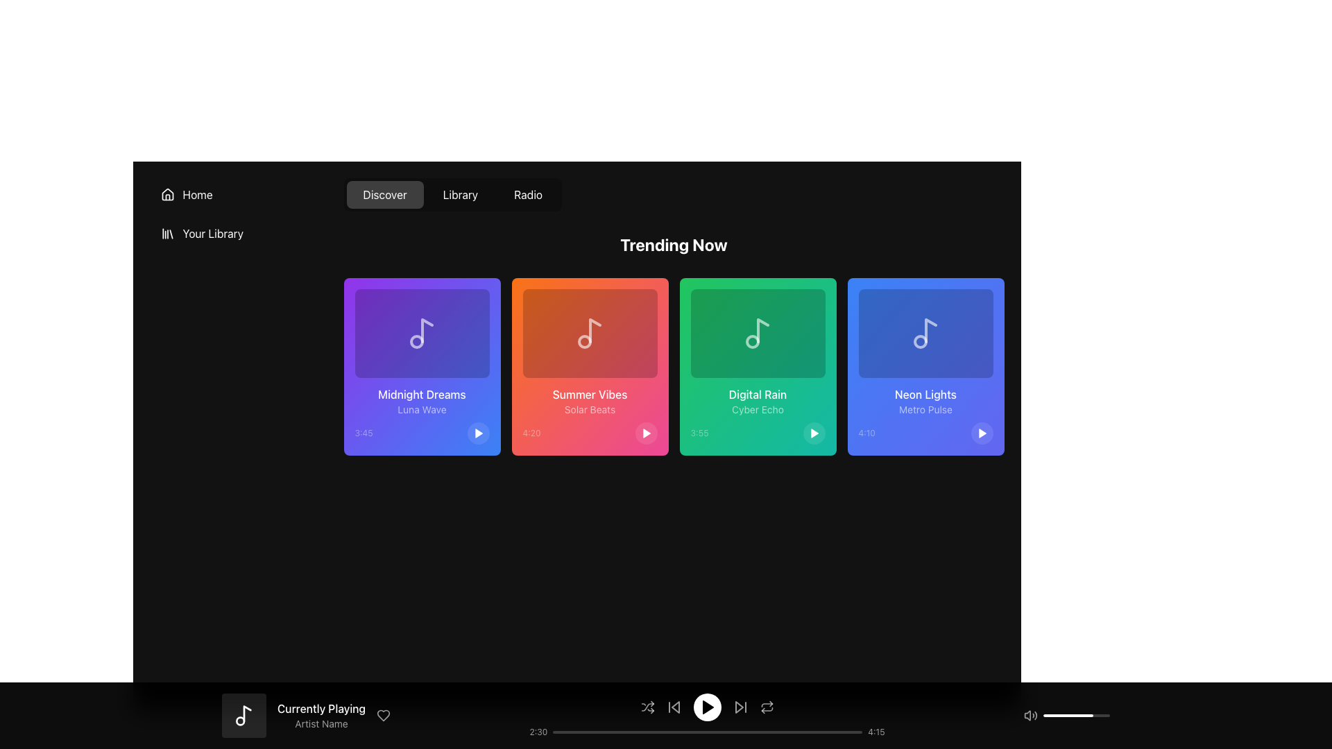  Describe the element at coordinates (531, 432) in the screenshot. I see `the informational text label displaying the timestamp or duration, located to the left of the circular button and play icon in the media control bar` at that location.